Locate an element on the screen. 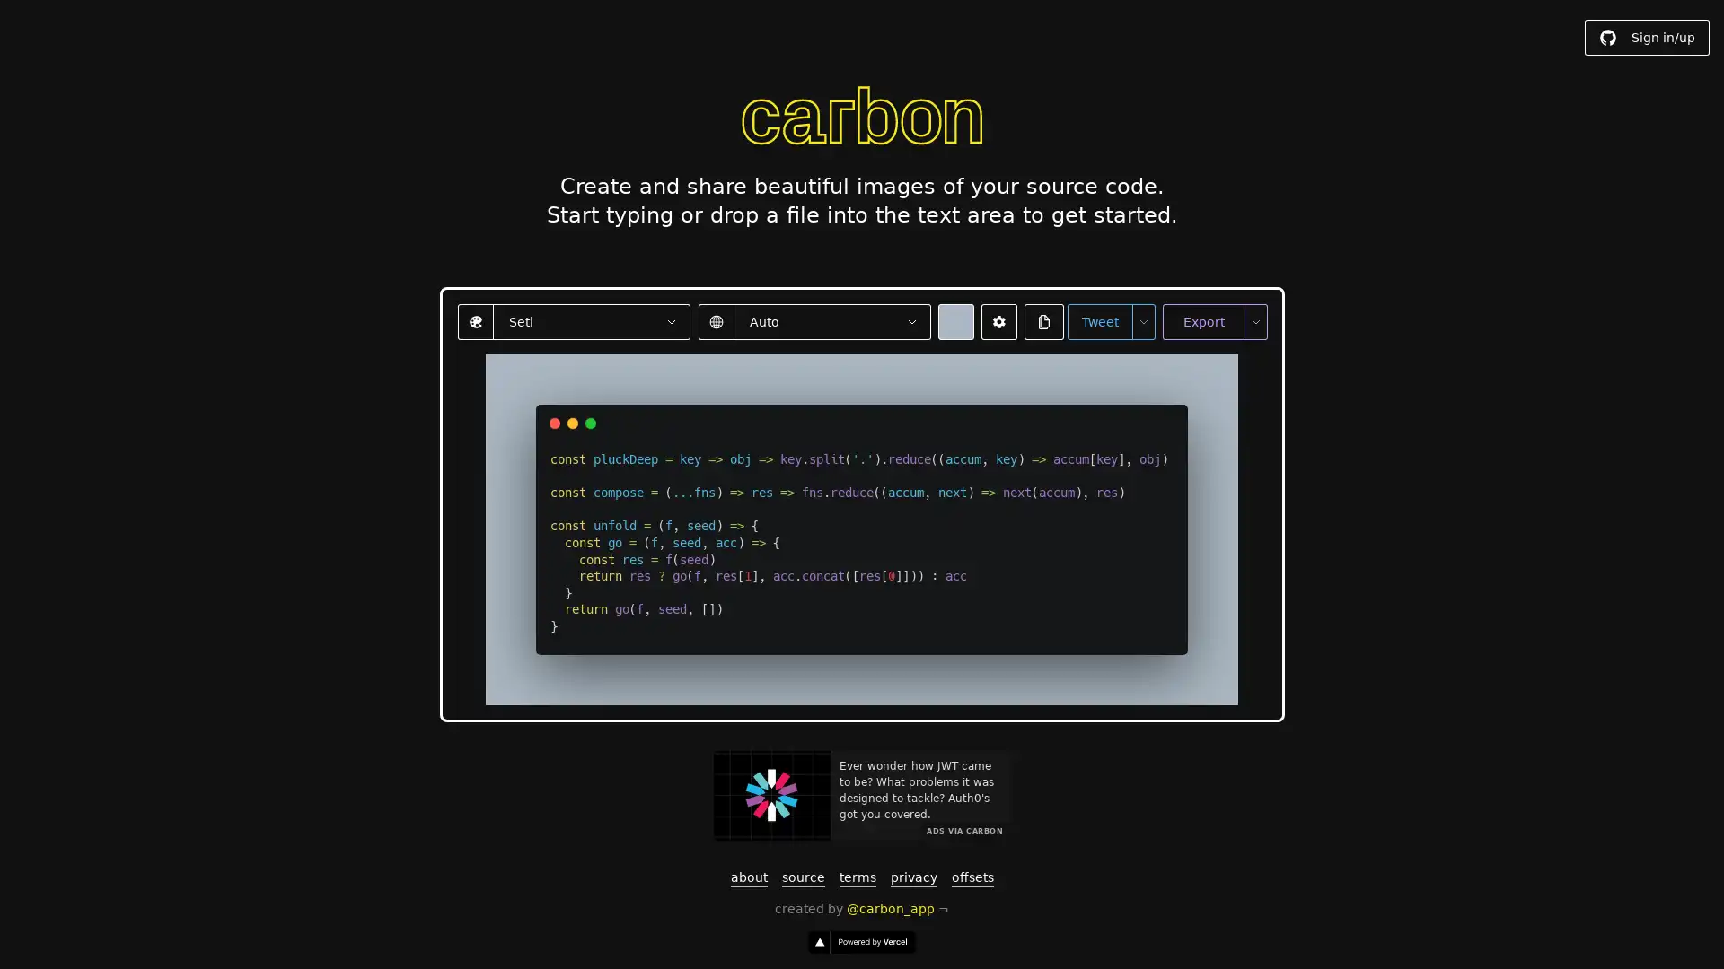 The width and height of the screenshot is (1724, 969). Background Menu is located at coordinates (954, 320).